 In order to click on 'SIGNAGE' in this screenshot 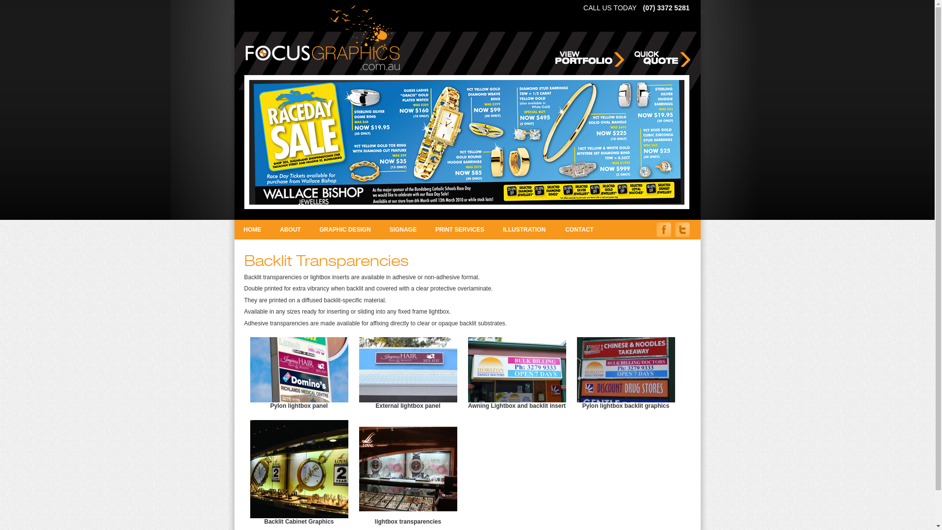, I will do `click(403, 229)`.